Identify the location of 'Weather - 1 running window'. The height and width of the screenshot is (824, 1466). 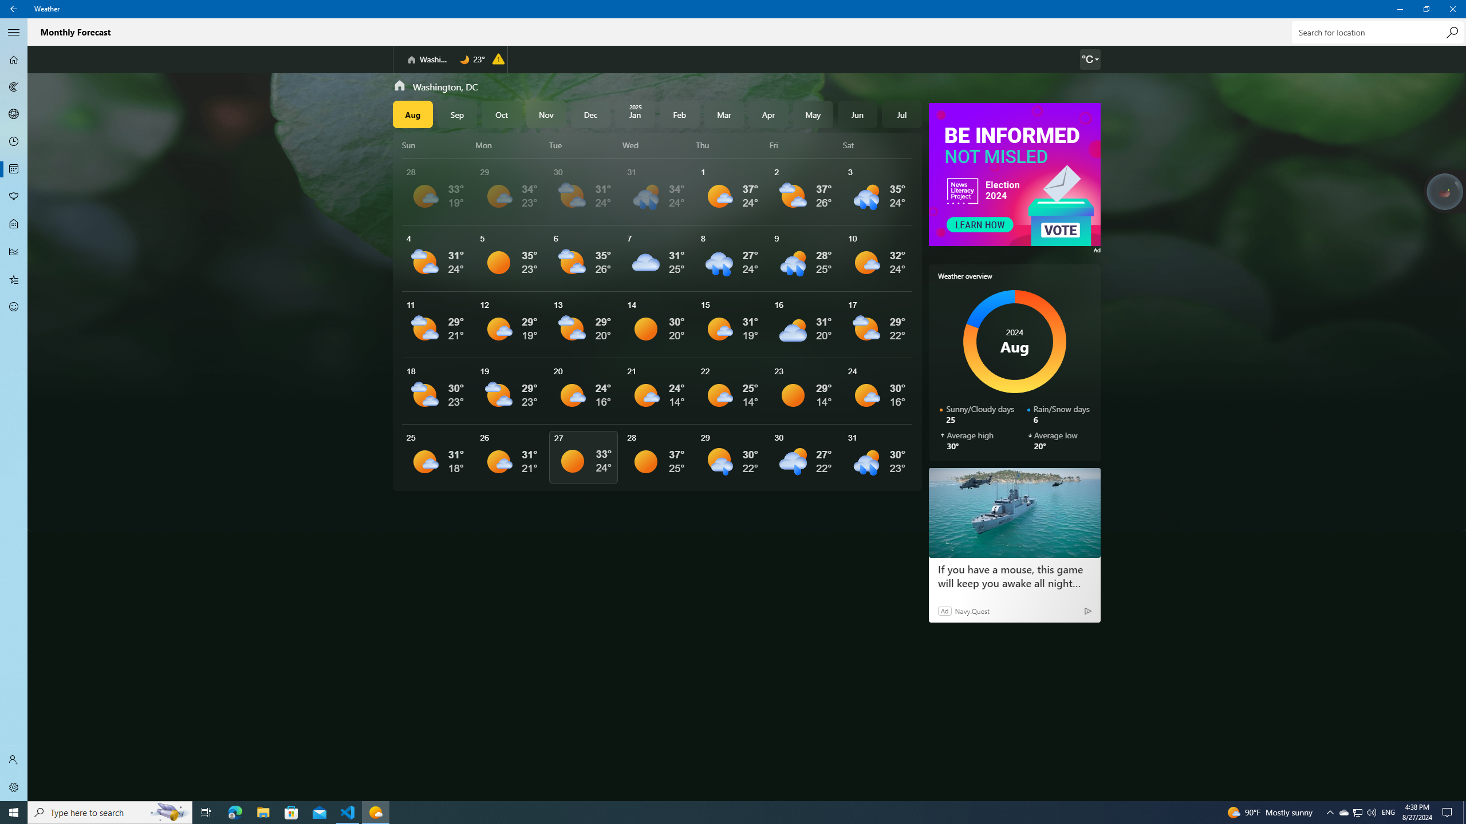
(376, 811).